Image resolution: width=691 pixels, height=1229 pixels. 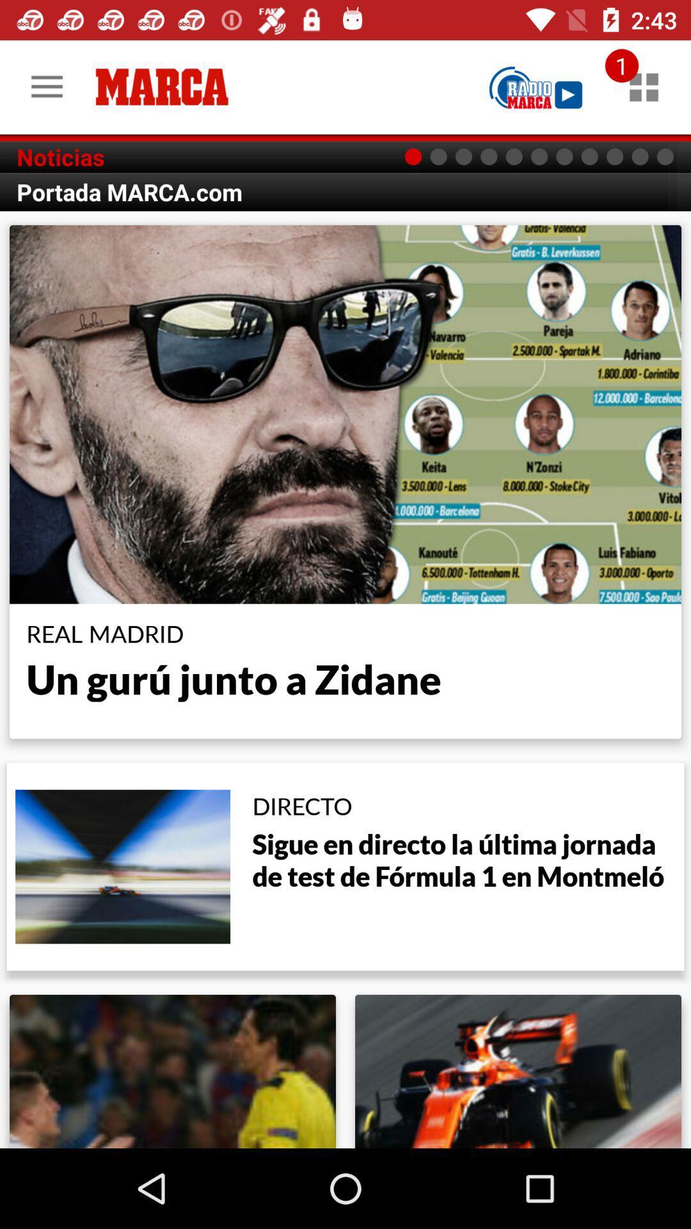 What do you see at coordinates (536, 86) in the screenshot?
I see `open page` at bounding box center [536, 86].